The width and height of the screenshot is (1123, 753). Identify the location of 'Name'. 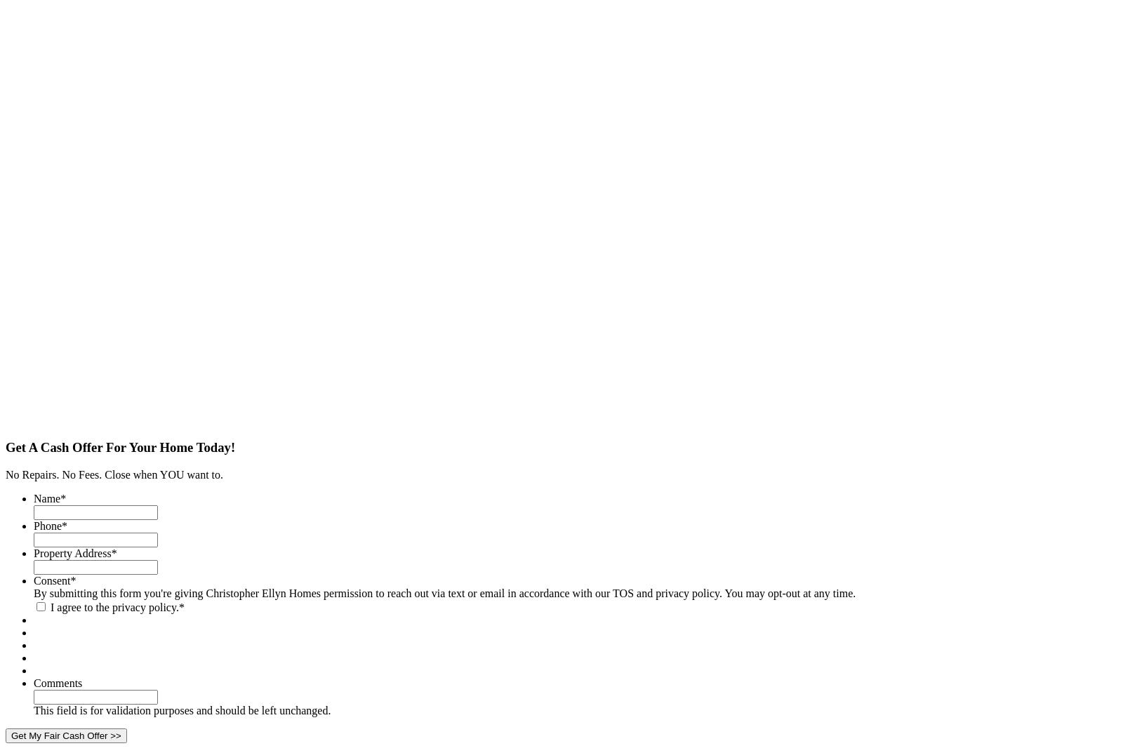
(46, 498).